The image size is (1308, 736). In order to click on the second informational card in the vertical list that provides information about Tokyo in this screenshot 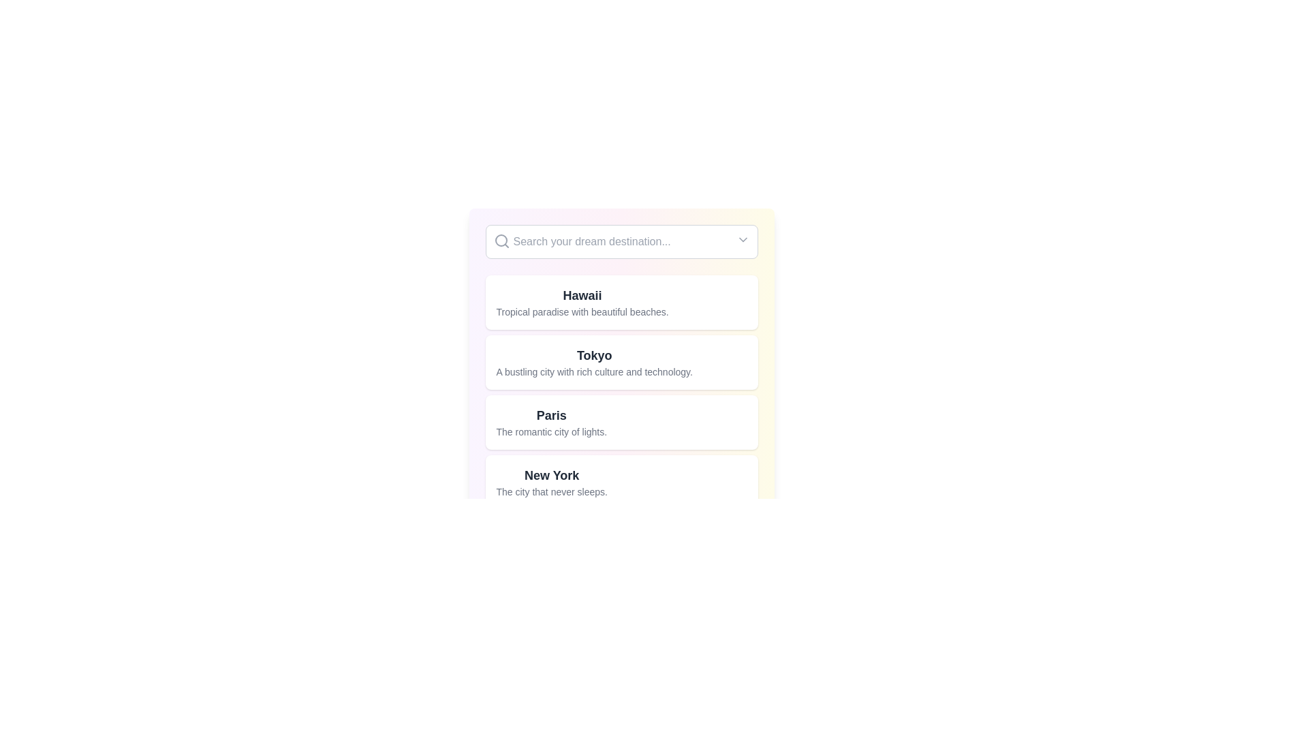, I will do `click(621, 362)`.